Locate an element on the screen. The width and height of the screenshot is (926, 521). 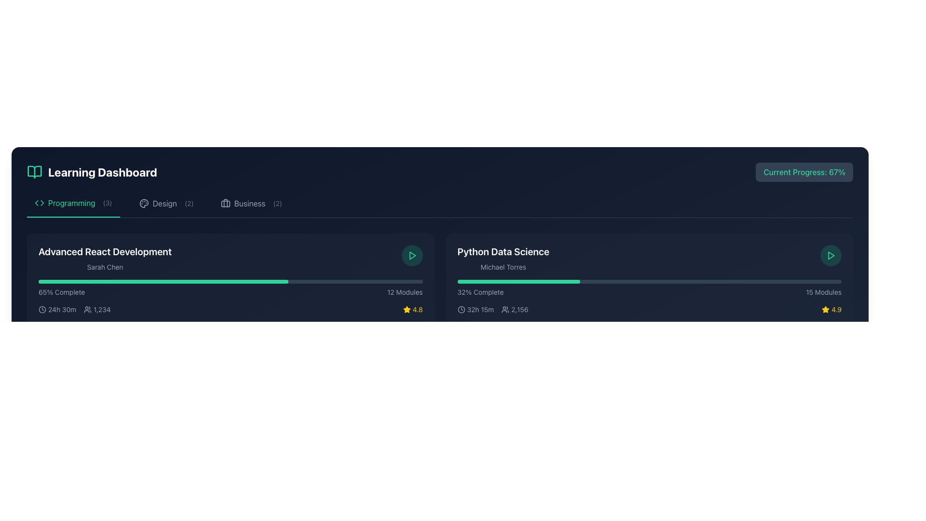
the circular green play button located at the right end of the 'Python Data Science' course section to play the course is located at coordinates (831, 255).